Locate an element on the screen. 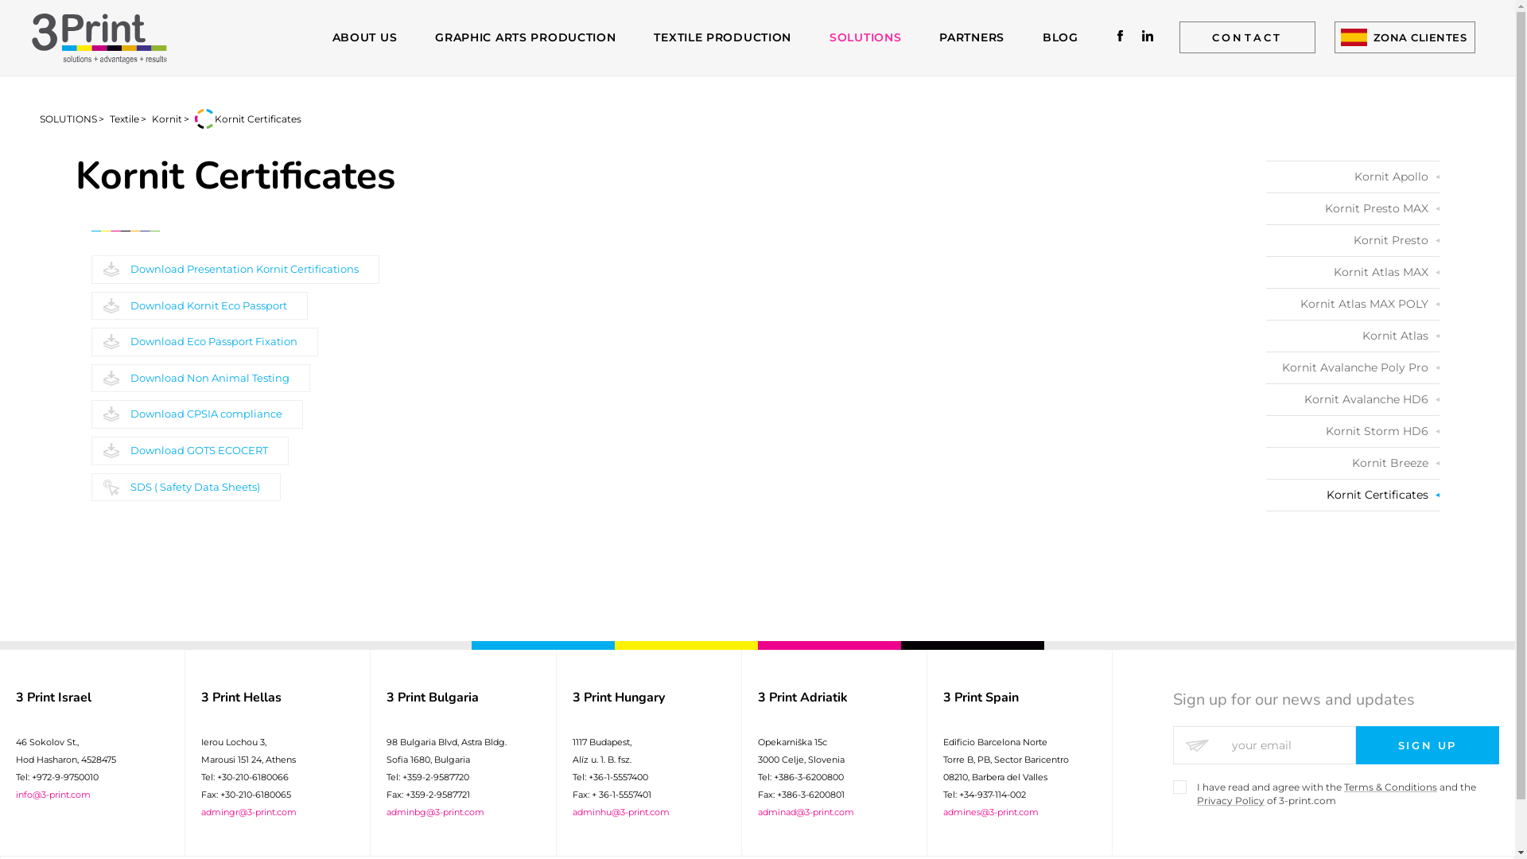  'Textile' is located at coordinates (123, 118).